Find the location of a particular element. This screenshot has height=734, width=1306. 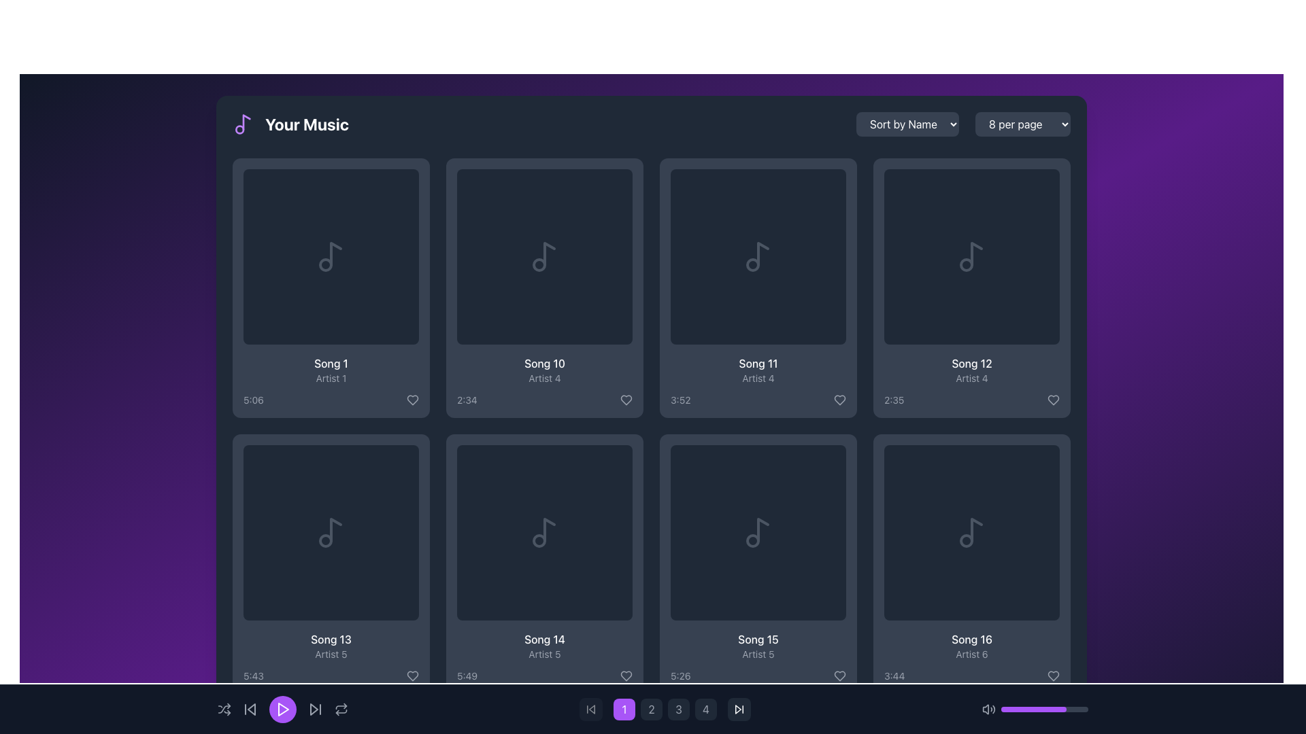

the play button for 'Song 16, Artist 6' is located at coordinates (971, 531).